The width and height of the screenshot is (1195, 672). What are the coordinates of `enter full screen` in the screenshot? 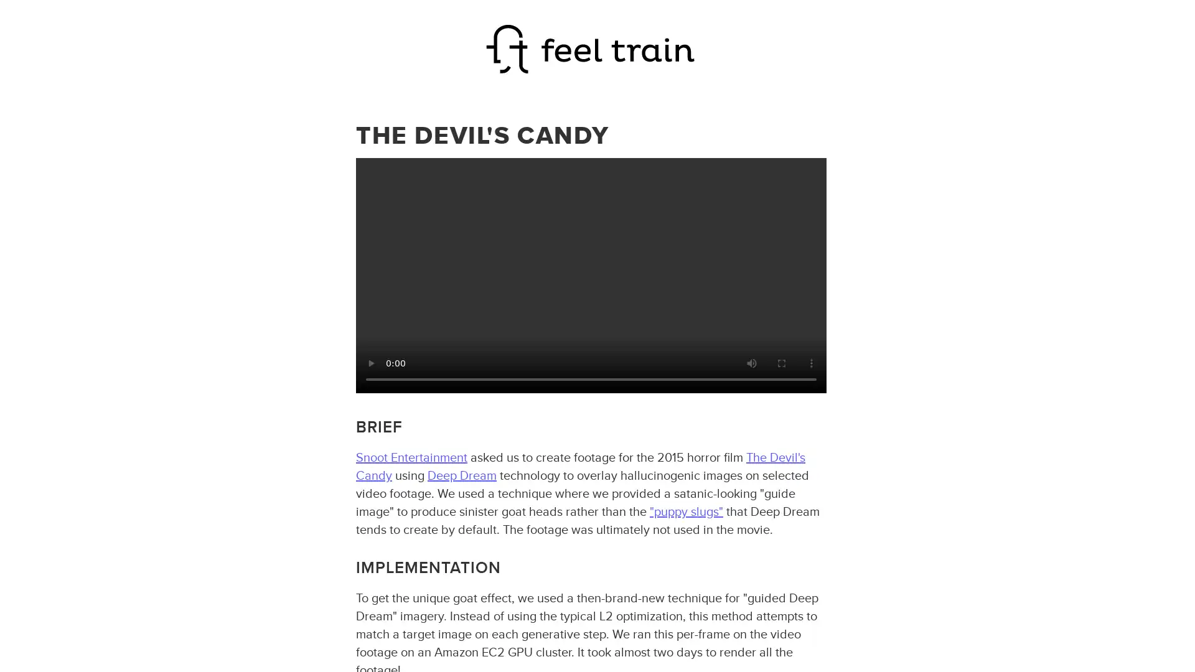 It's located at (780, 363).